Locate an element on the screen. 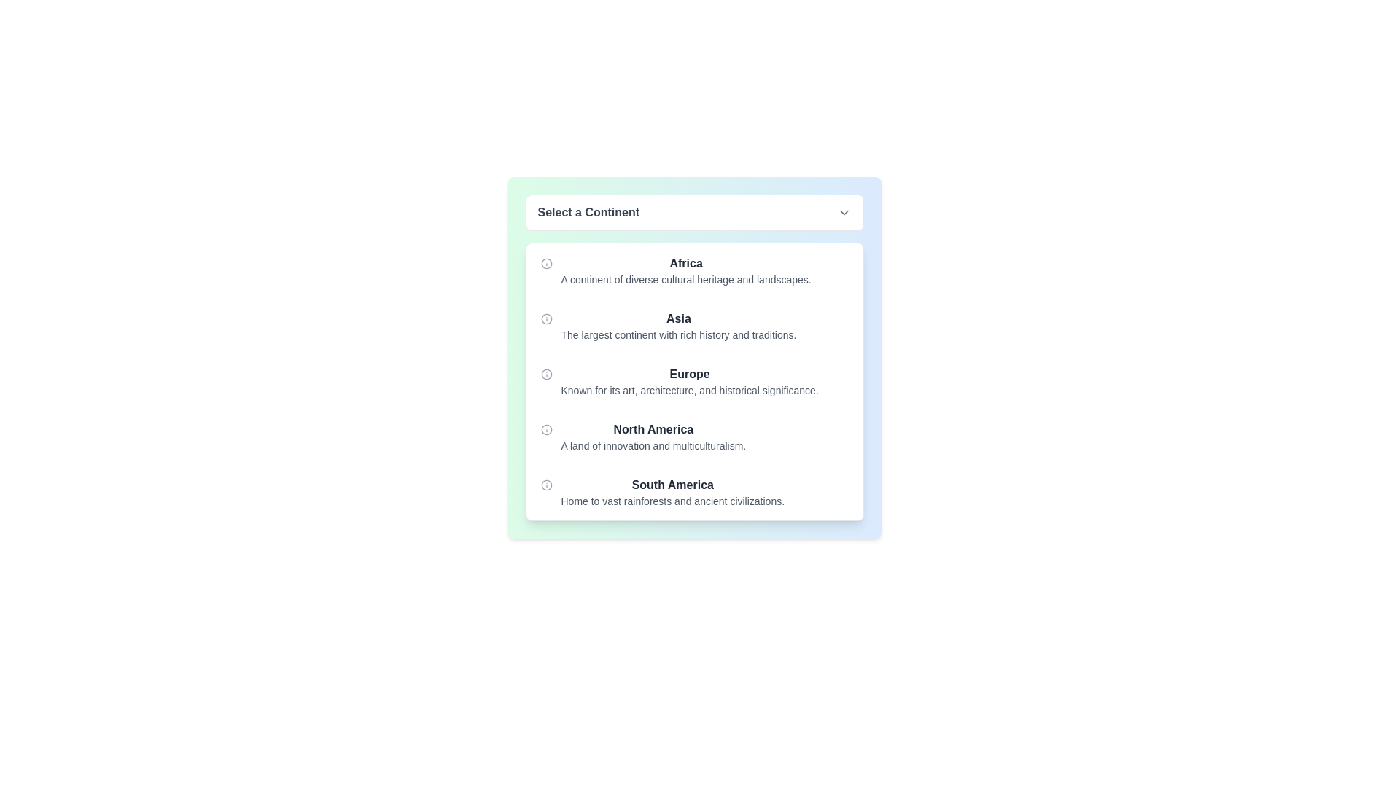 The width and height of the screenshot is (1400, 787). the selectable list item representing 'Asia' is located at coordinates (693, 325).